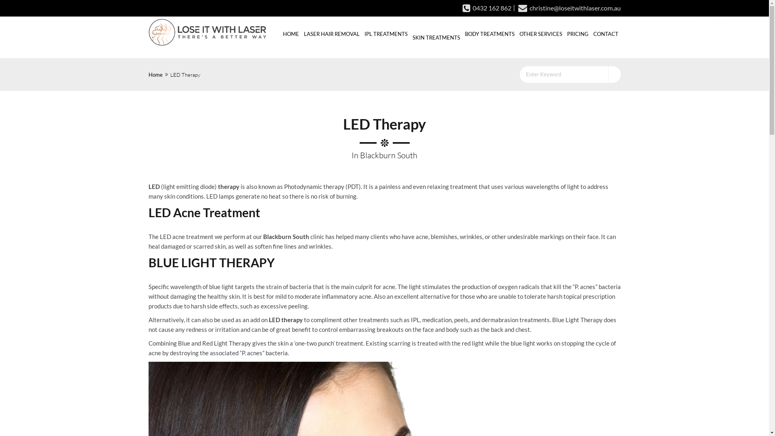 The image size is (775, 436). What do you see at coordinates (331, 33) in the screenshot?
I see `'LASER HAIR REMOVAL'` at bounding box center [331, 33].